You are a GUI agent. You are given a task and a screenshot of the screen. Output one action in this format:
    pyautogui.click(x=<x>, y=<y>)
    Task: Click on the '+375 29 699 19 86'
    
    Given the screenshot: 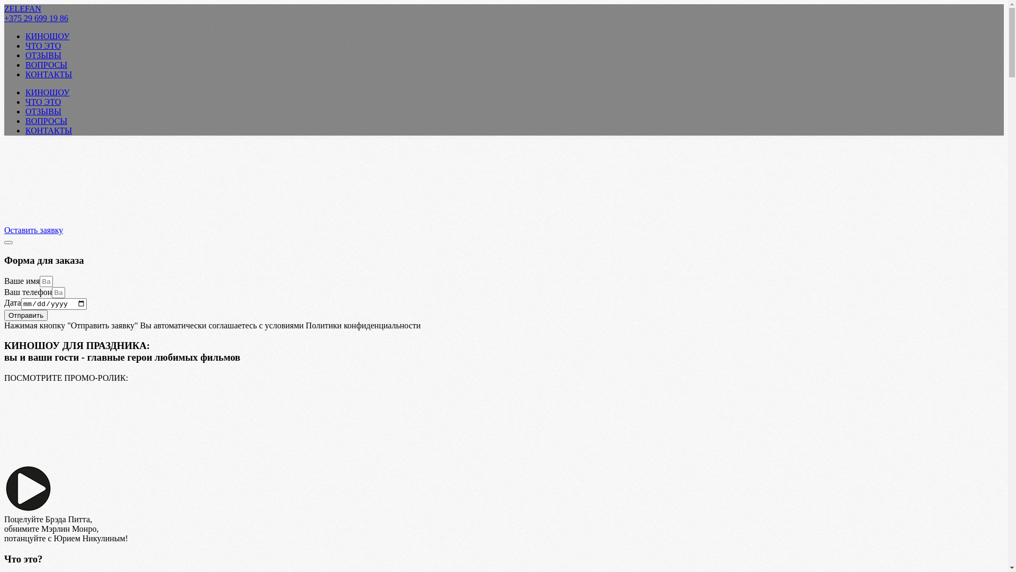 What is the action you would take?
    pyautogui.click(x=4, y=18)
    